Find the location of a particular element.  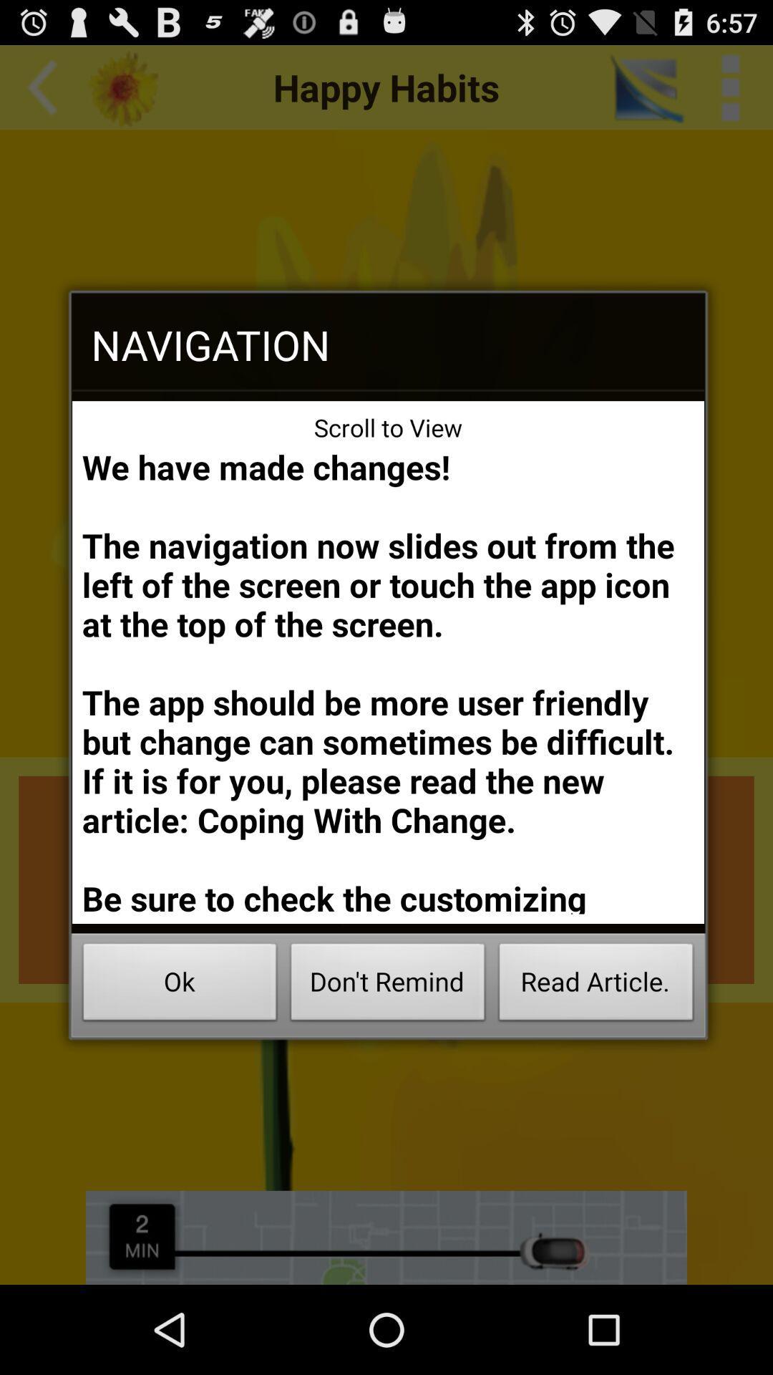

the icon at the bottom is located at coordinates (388, 985).